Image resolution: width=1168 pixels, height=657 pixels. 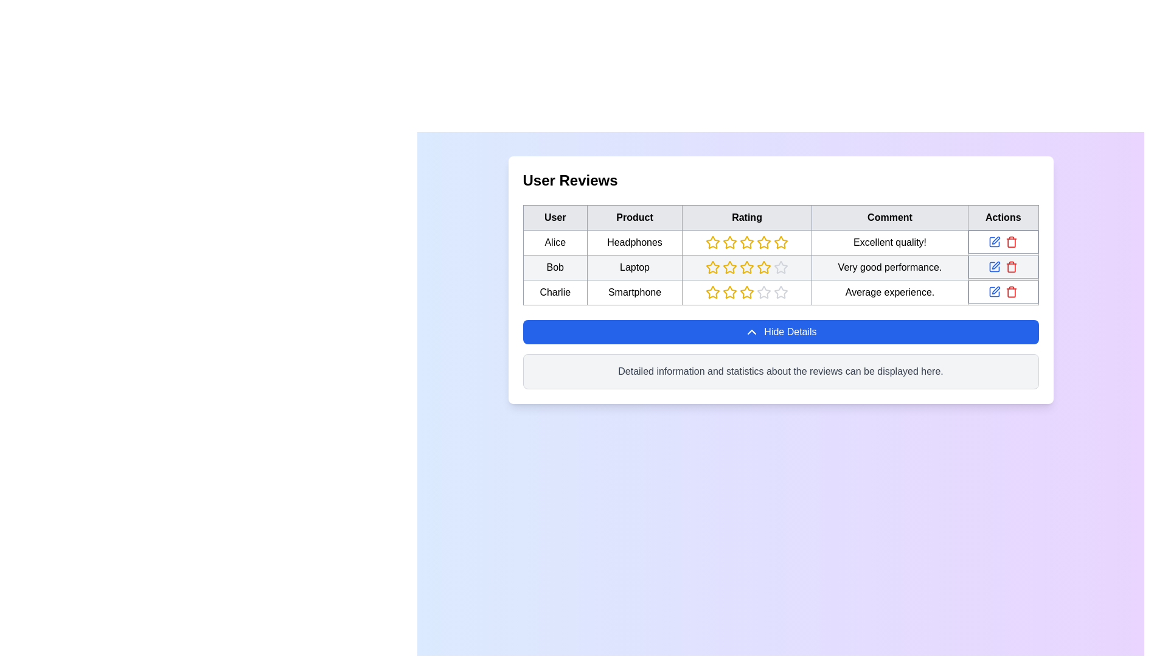 What do you see at coordinates (995, 291) in the screenshot?
I see `the editing icon in the 'Actions' column for Charlie in the review table` at bounding box center [995, 291].